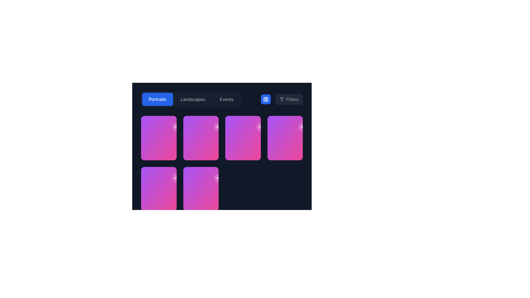  I want to click on the 'Filters' button, which features a funnel icon and is styled with a dark background and light text, so click(282, 99).